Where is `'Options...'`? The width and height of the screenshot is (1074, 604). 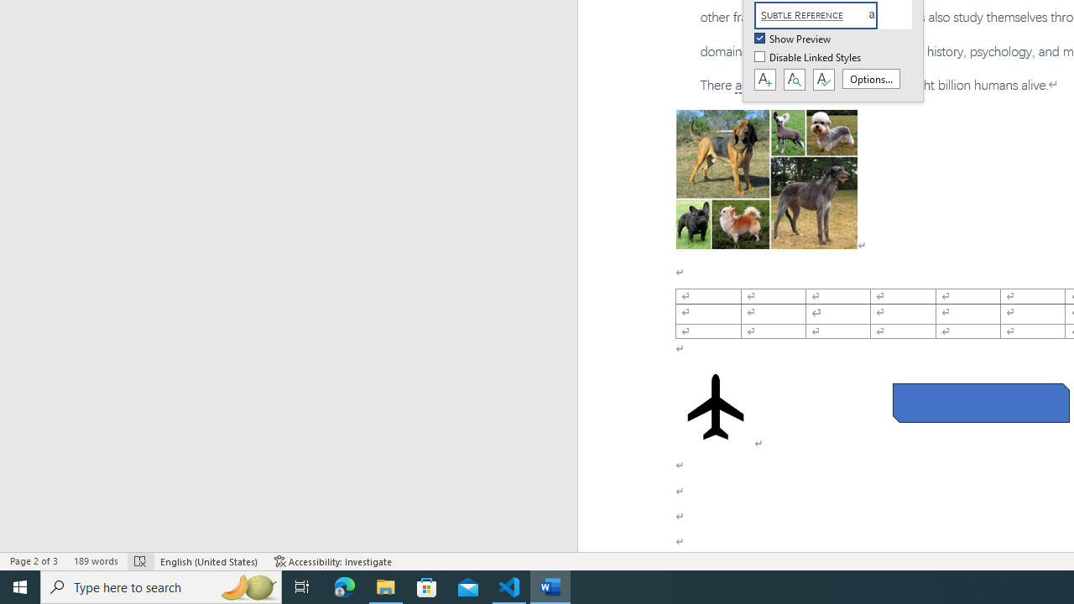 'Options...' is located at coordinates (871, 78).